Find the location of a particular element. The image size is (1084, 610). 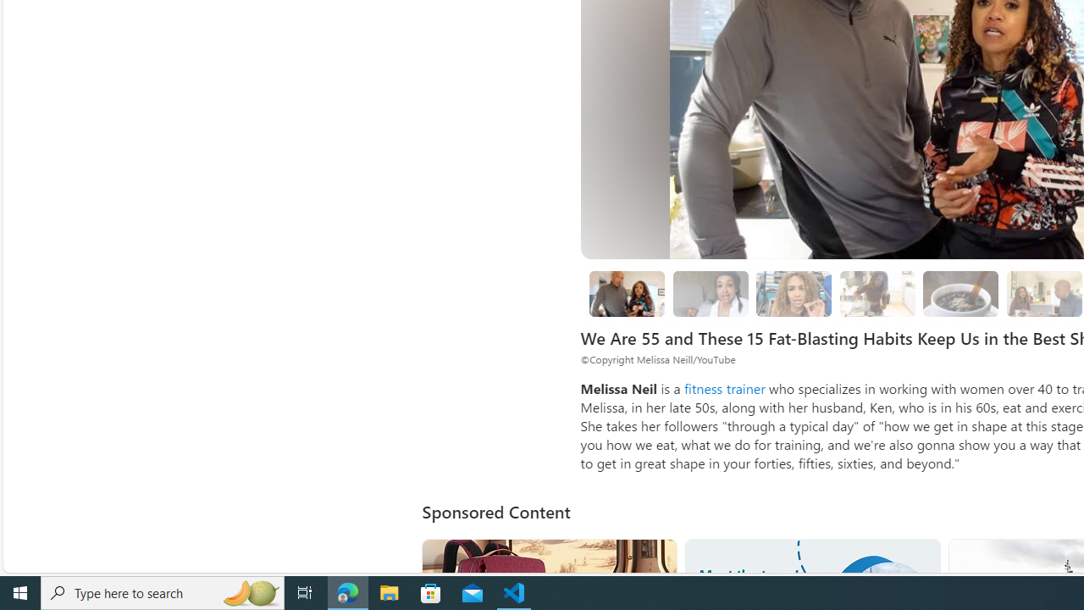

'2 They Use Protein Powder for Flavor' is located at coordinates (794, 292).